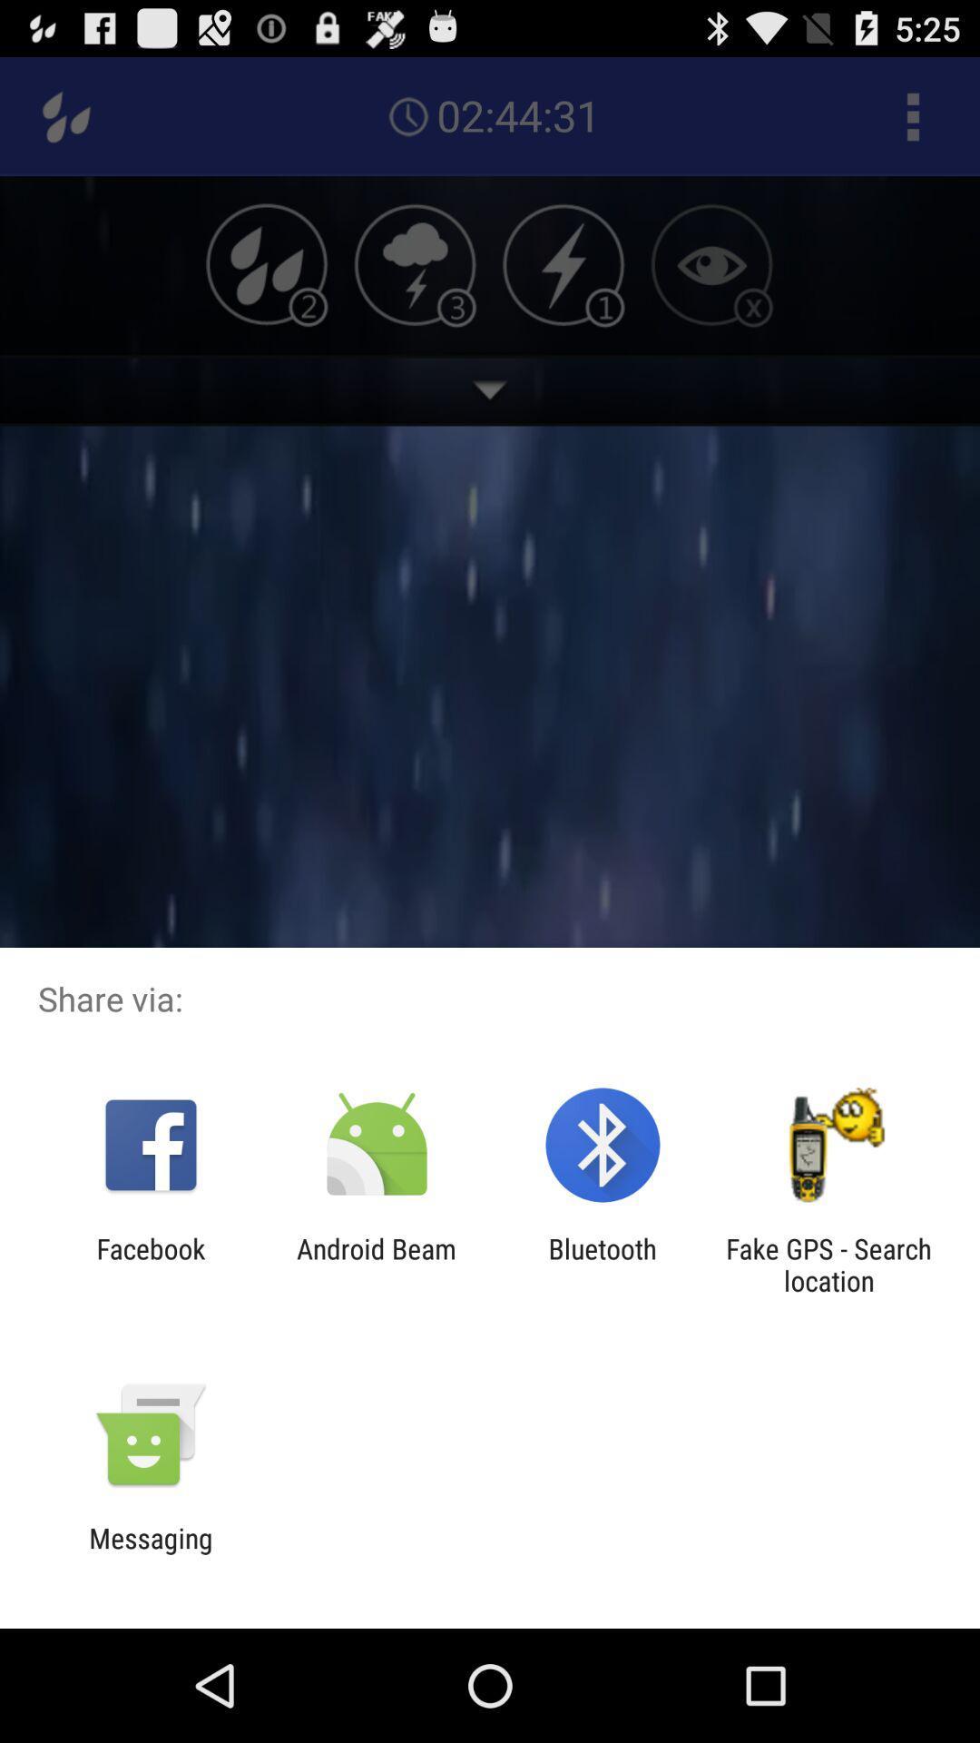 This screenshot has width=980, height=1743. I want to click on the facebook icon, so click(150, 1264).